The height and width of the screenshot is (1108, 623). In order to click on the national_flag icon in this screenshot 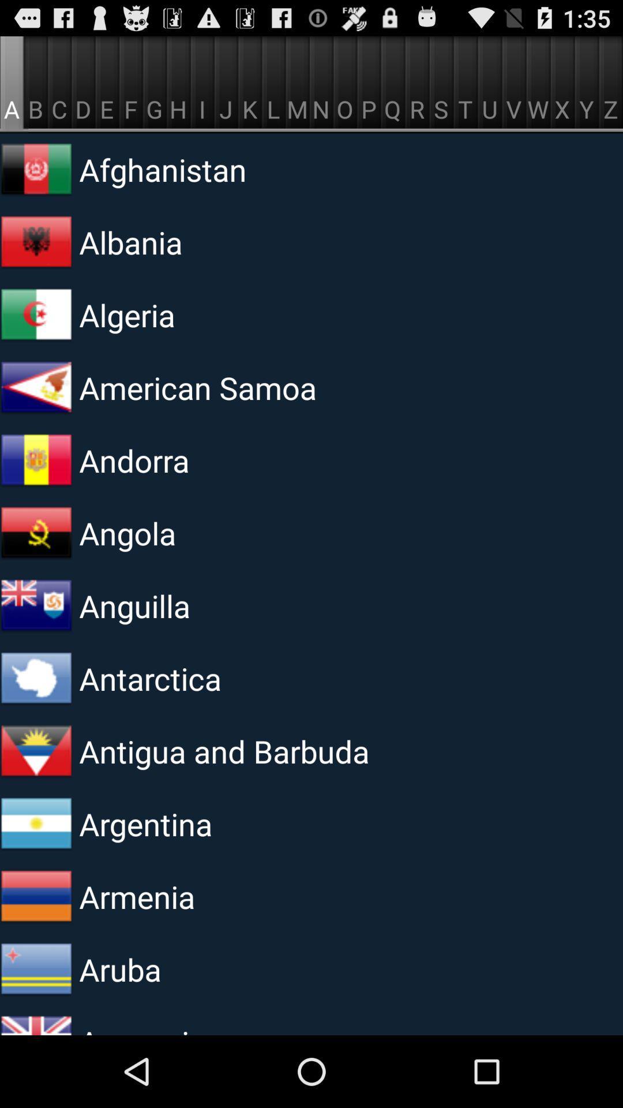, I will do `click(35, 881)`.